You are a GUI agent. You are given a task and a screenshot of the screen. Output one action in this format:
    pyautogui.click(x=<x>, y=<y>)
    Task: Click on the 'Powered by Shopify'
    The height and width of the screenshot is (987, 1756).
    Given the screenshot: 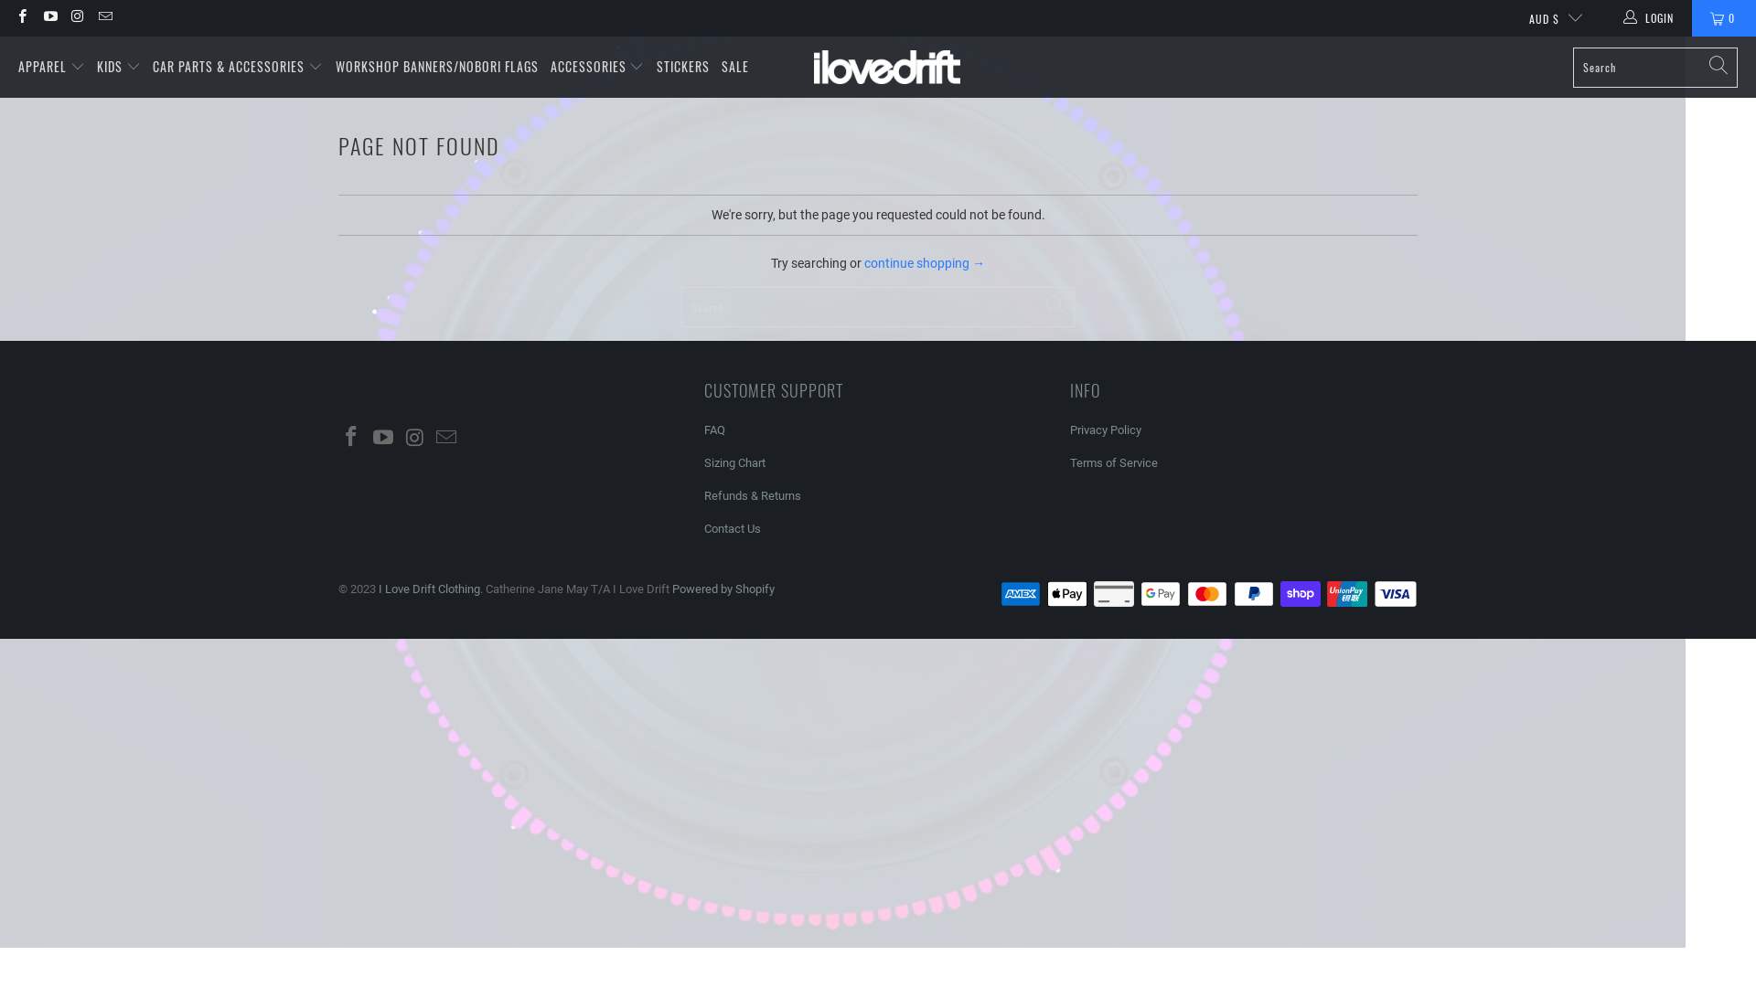 What is the action you would take?
    pyautogui.click(x=670, y=589)
    